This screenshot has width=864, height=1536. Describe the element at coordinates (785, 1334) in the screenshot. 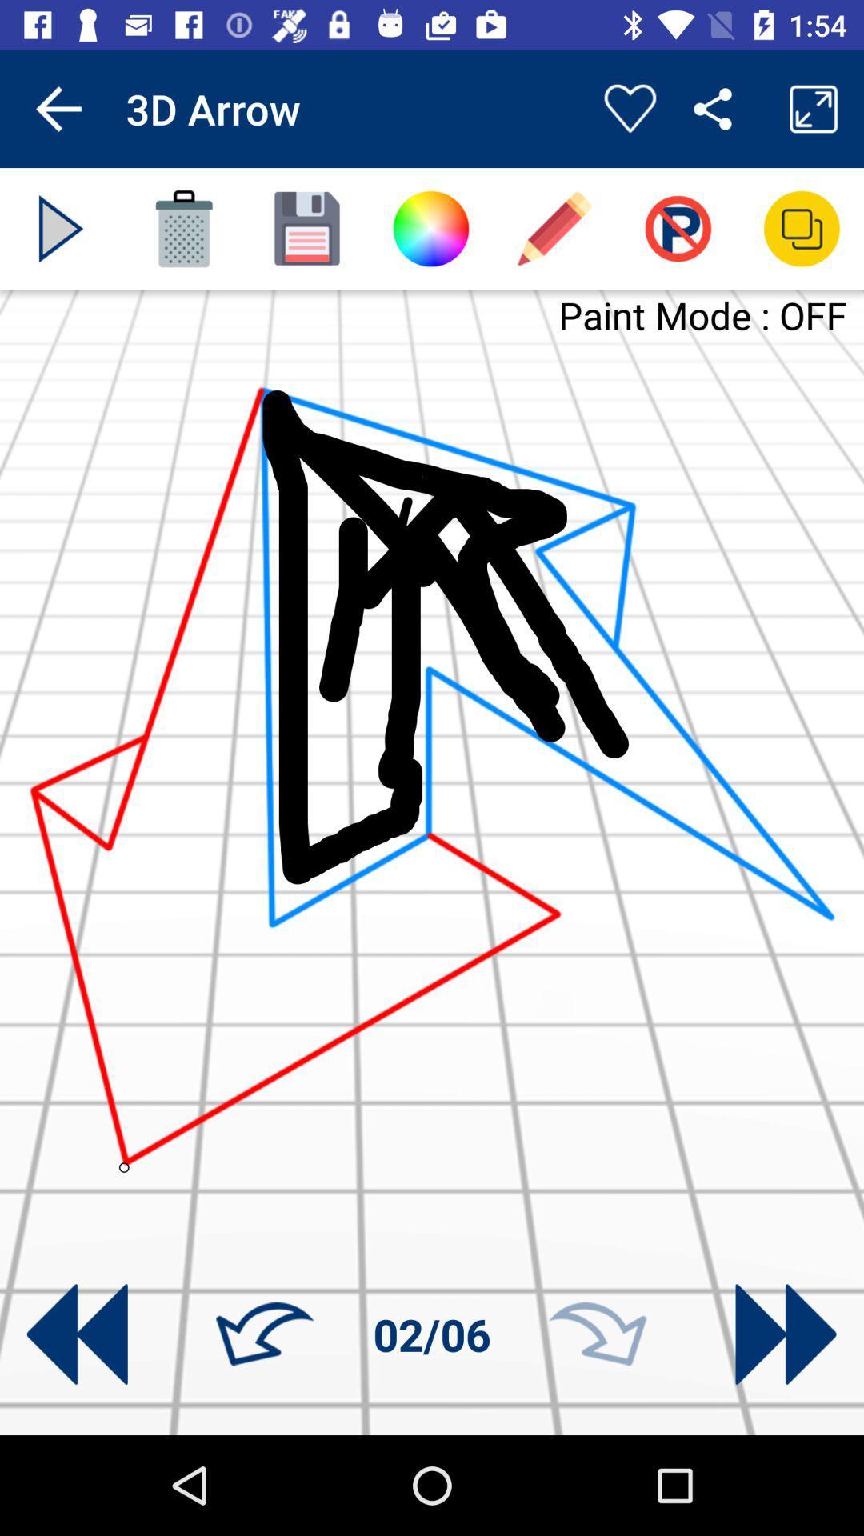

I see `rotate or switch images` at that location.